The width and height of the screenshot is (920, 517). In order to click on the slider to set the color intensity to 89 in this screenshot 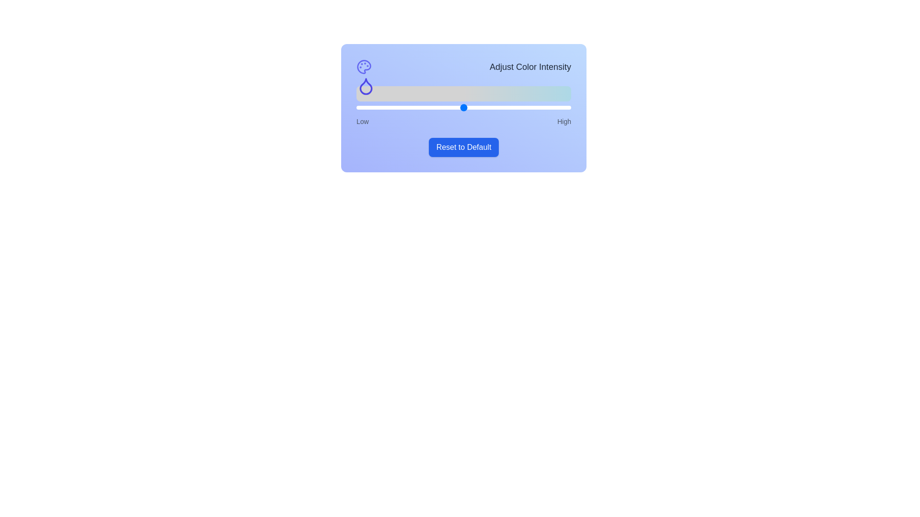, I will do `click(547, 107)`.